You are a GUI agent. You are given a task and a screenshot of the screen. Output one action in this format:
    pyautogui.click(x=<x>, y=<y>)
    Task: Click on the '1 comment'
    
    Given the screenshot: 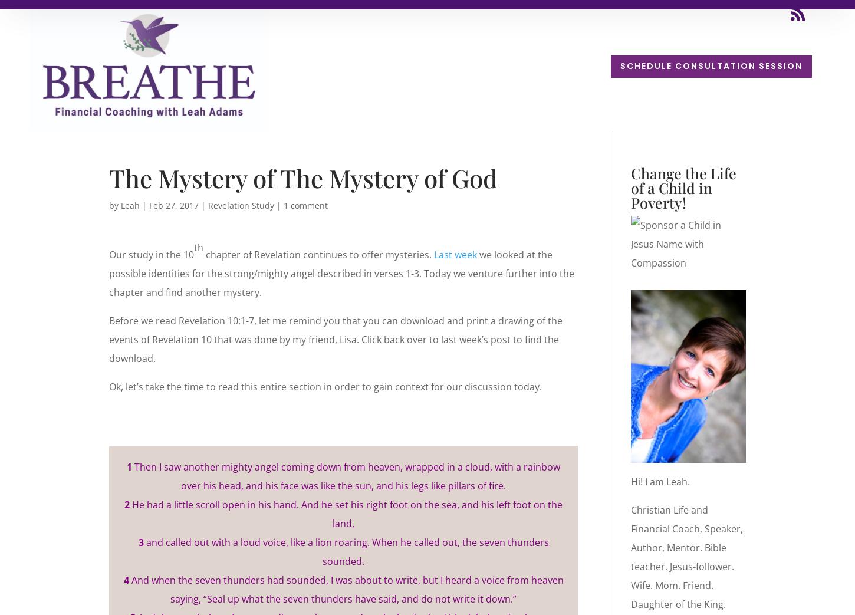 What is the action you would take?
    pyautogui.click(x=282, y=205)
    